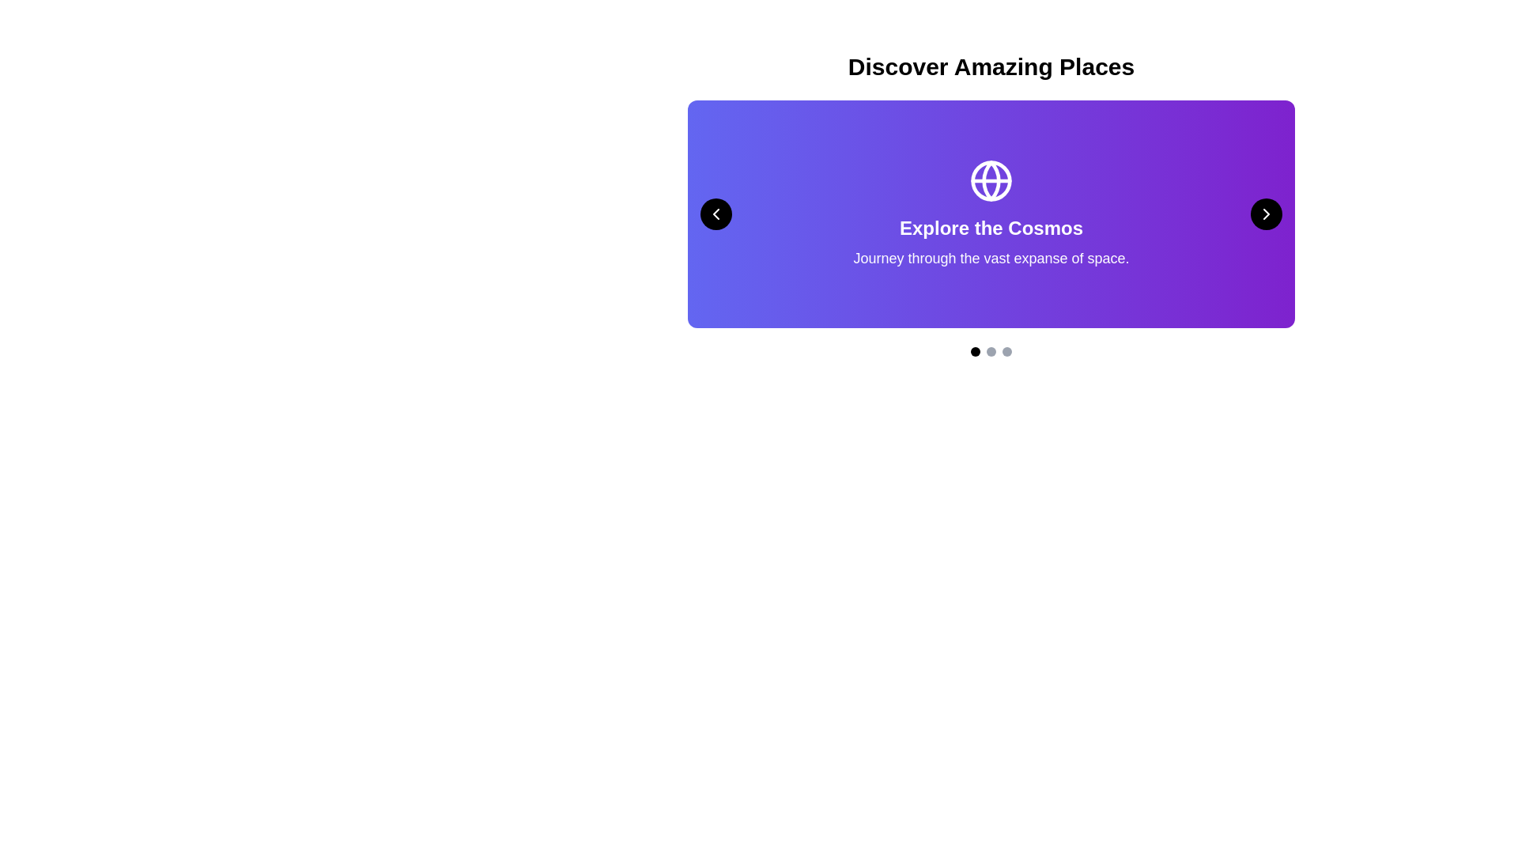  What do you see at coordinates (990, 350) in the screenshot?
I see `the middle circular component of the carousel navigation` at bounding box center [990, 350].